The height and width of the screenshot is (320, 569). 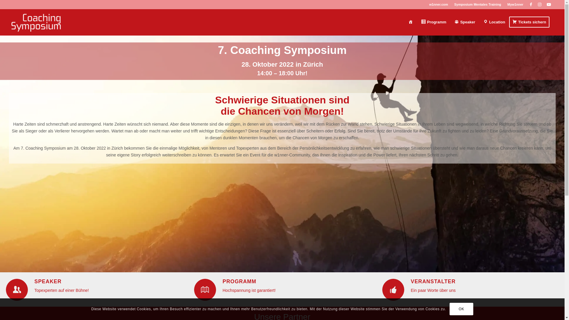 What do you see at coordinates (416, 22) in the screenshot?
I see `'Programm'` at bounding box center [416, 22].